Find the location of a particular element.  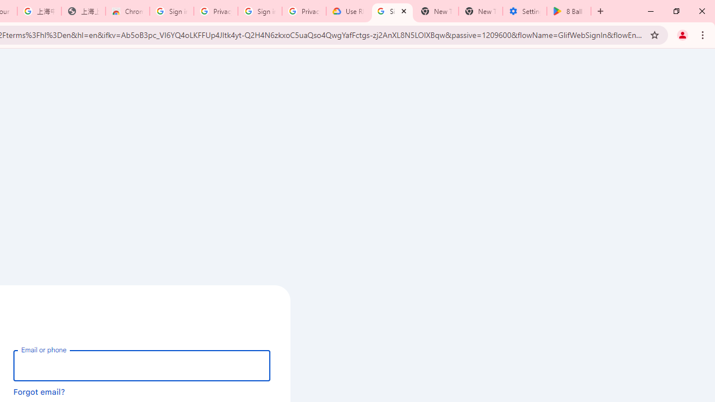

'New Tab' is located at coordinates (480, 11).